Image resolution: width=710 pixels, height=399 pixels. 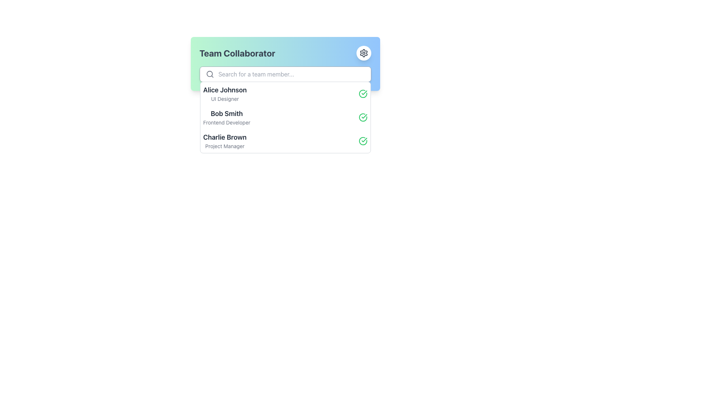 I want to click on the Text Display element that shows 'Bob Smith' and 'Frontend Developer', located in the second position under the 'Team Collaborator' list, so click(x=226, y=117).